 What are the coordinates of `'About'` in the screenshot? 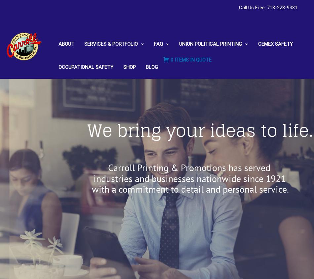 It's located at (66, 43).